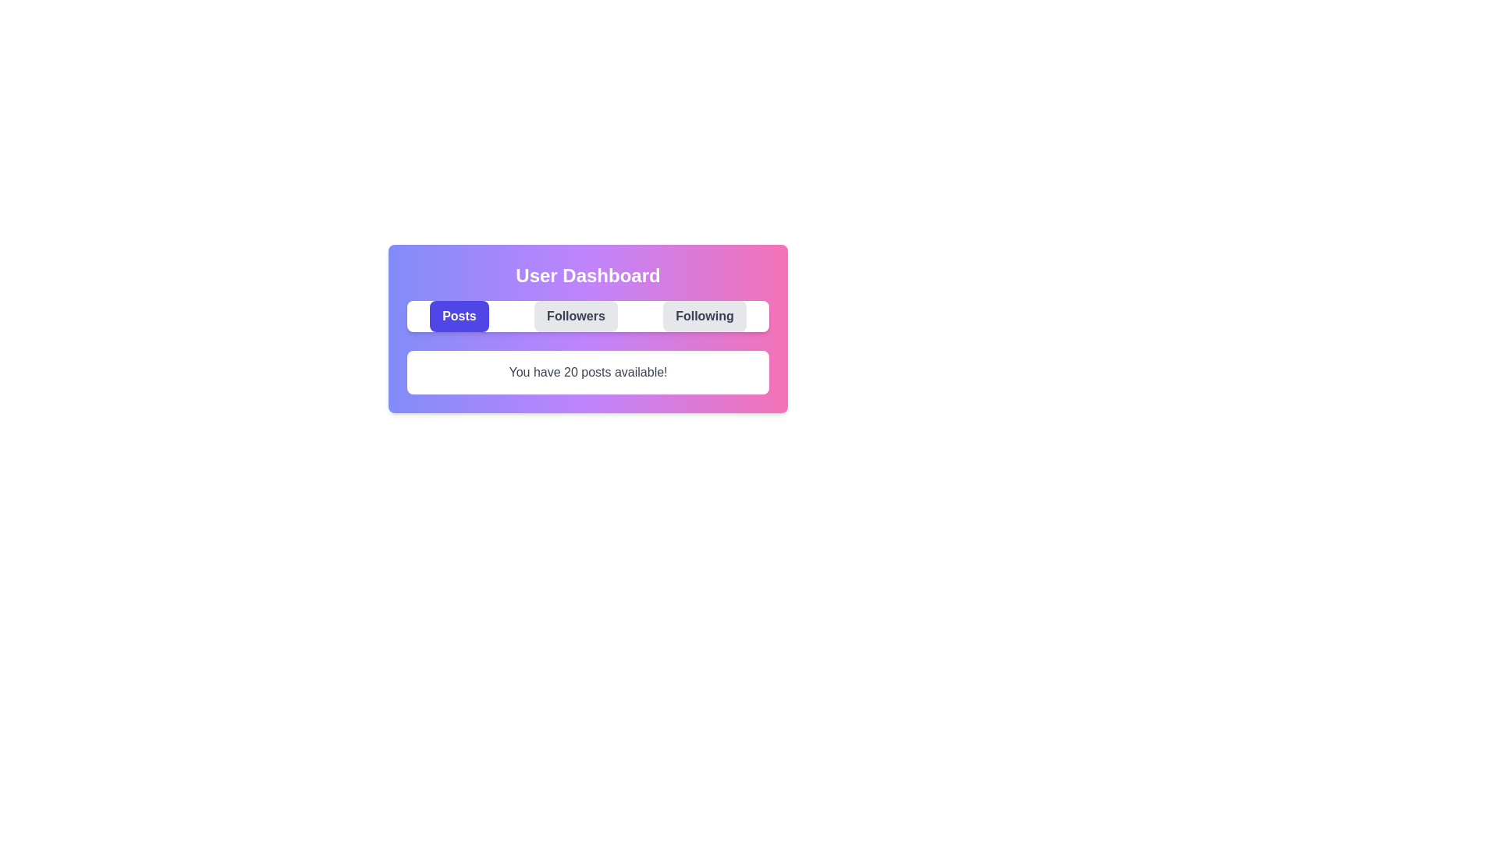 The image size is (1498, 842). What do you see at coordinates (587, 327) in the screenshot?
I see `the 'Followers' button in the user dashboard` at bounding box center [587, 327].